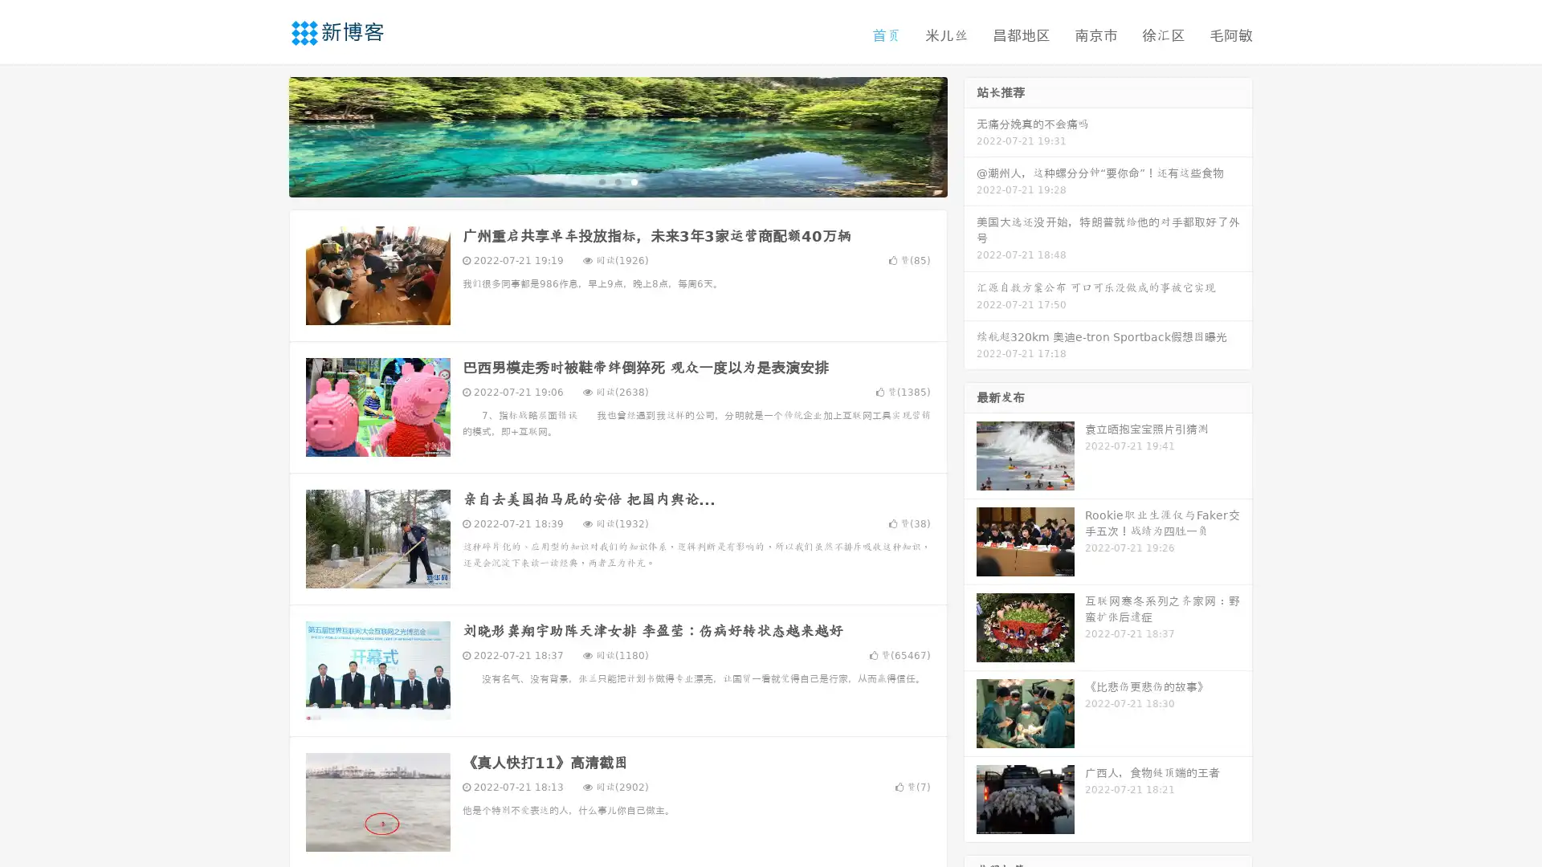  What do you see at coordinates (601, 181) in the screenshot?
I see `Go to slide 1` at bounding box center [601, 181].